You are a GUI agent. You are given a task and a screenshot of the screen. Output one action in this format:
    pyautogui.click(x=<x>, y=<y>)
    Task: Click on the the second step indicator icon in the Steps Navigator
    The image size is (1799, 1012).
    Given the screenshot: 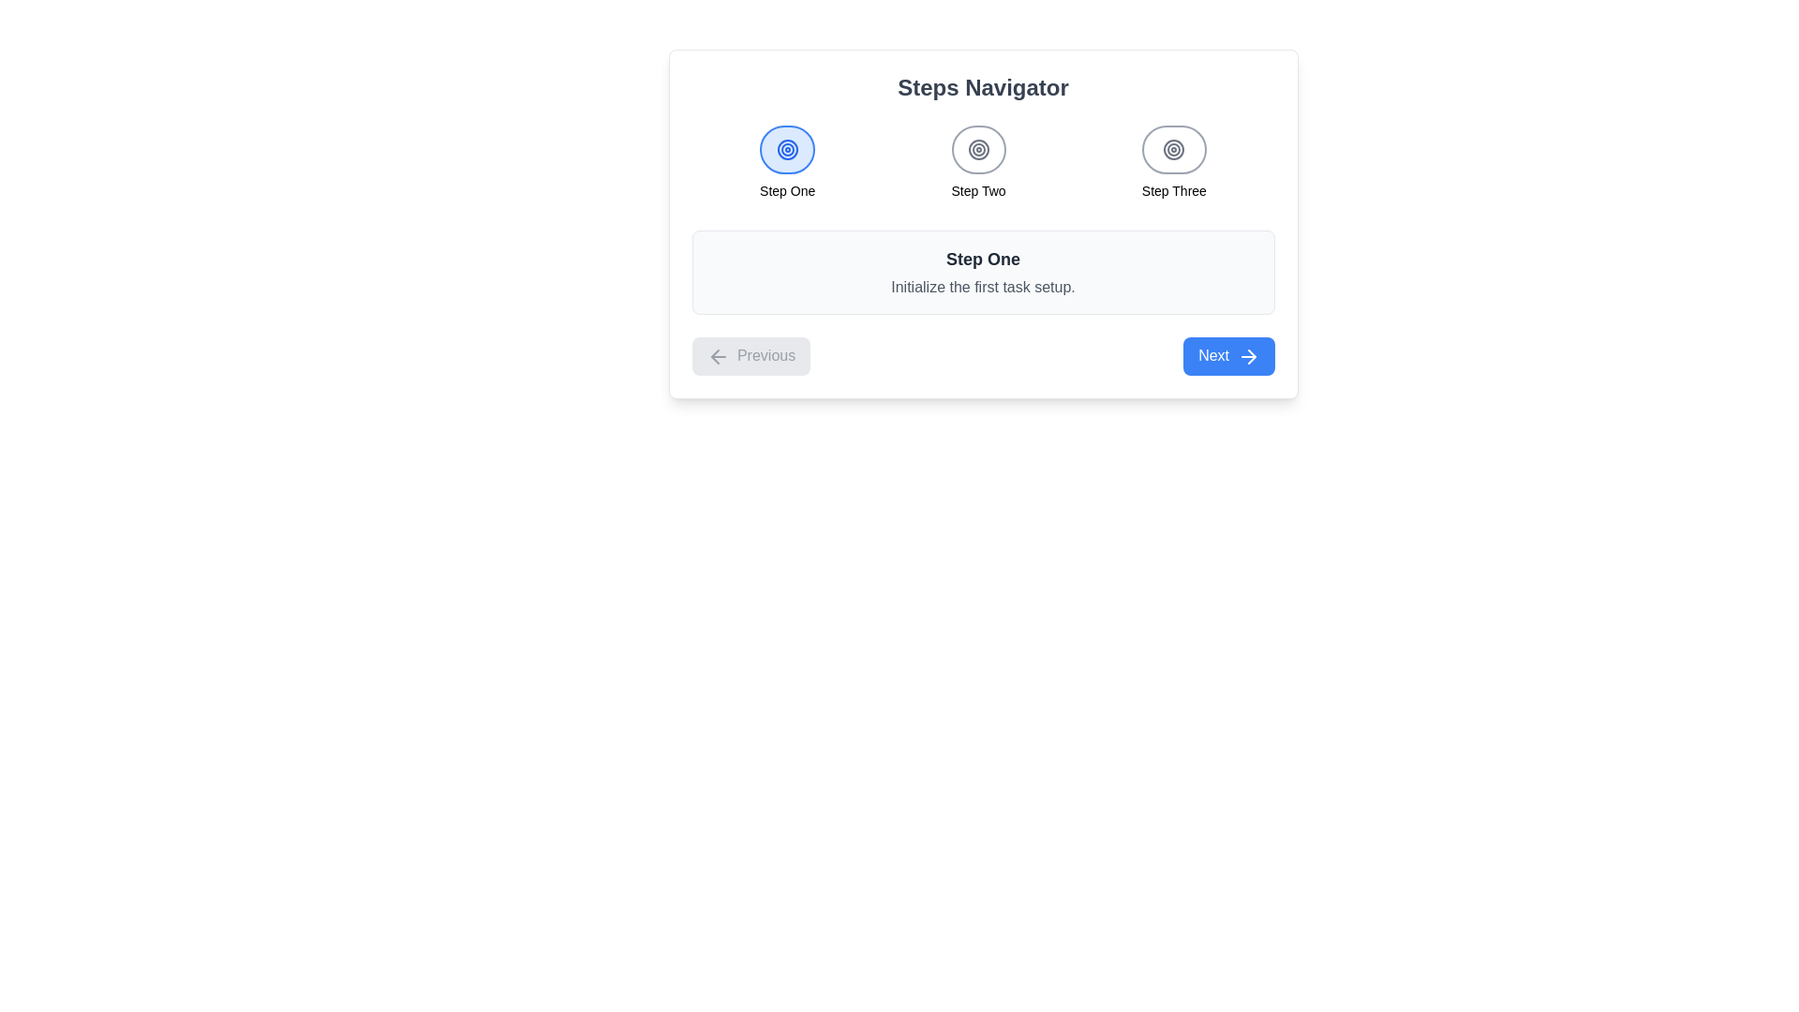 What is the action you would take?
    pyautogui.click(x=977, y=148)
    